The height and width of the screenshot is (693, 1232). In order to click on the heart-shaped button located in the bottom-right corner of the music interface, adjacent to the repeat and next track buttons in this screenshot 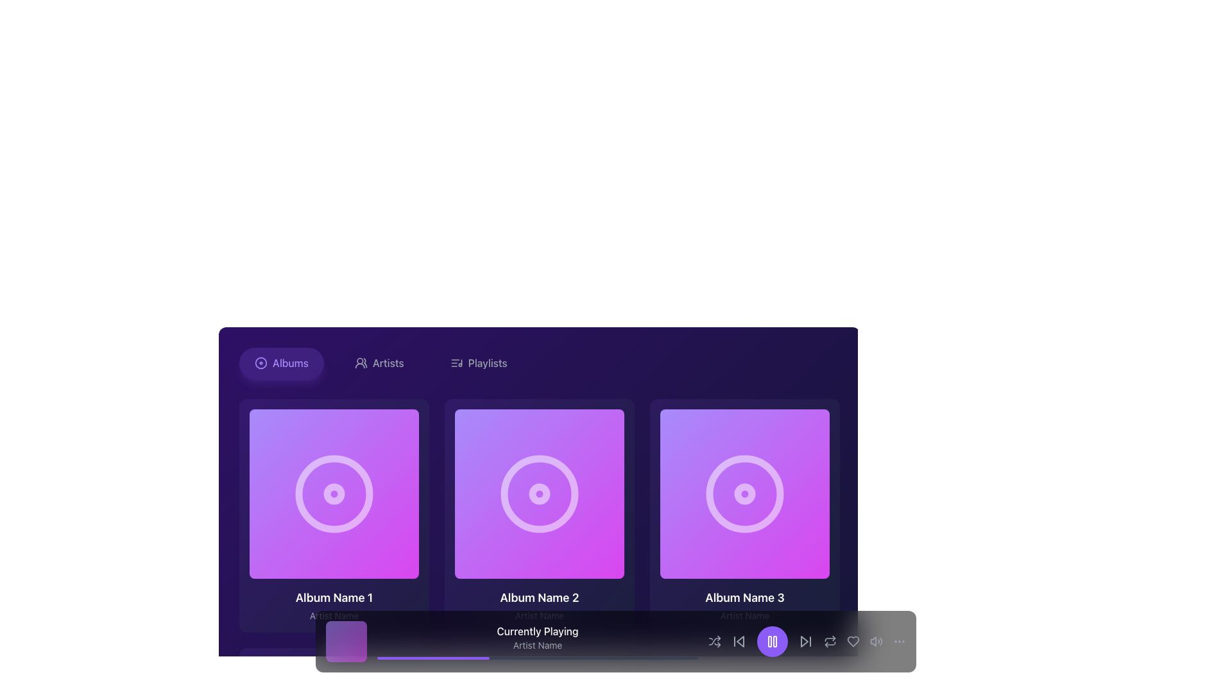, I will do `click(853, 641)`.